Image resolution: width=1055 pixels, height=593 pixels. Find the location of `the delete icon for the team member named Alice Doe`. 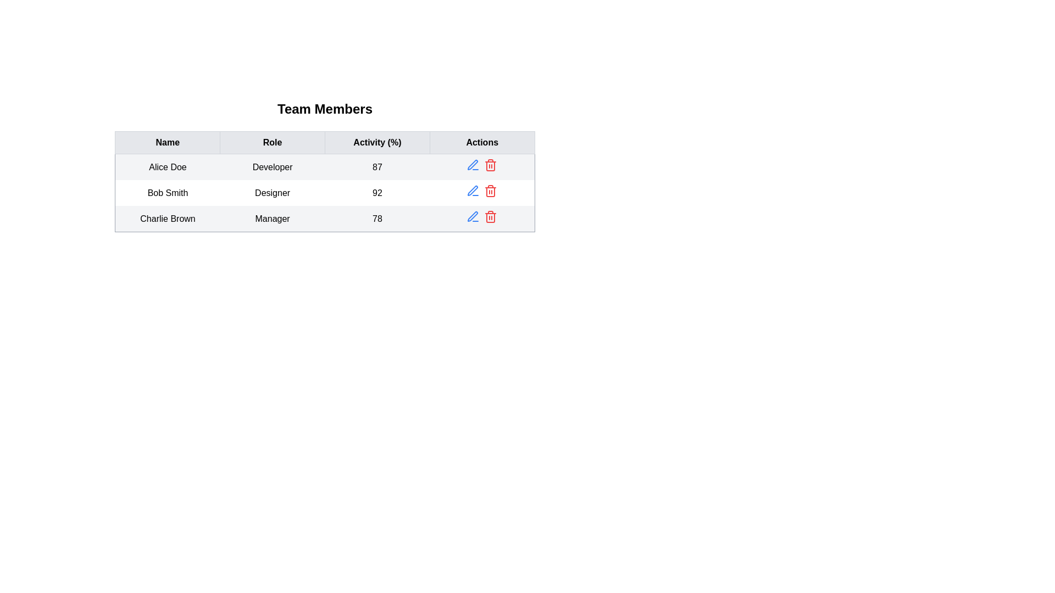

the delete icon for the team member named Alice Doe is located at coordinates (490, 165).